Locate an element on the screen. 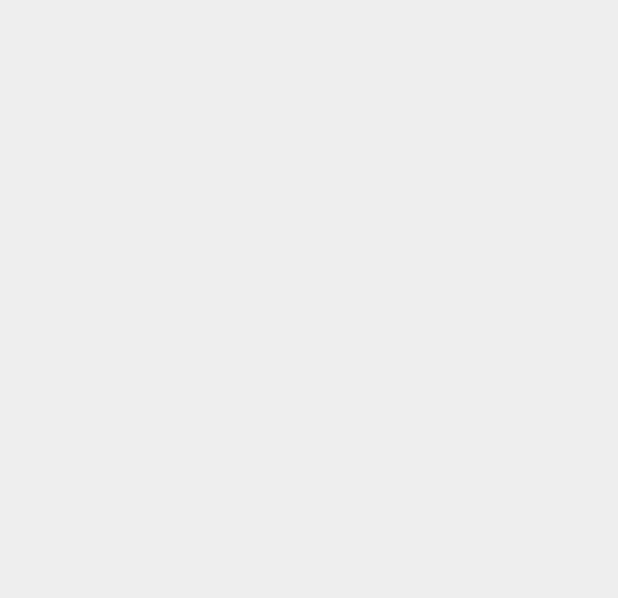 The image size is (618, 598). 'Windows Phone' is located at coordinates (464, 520).